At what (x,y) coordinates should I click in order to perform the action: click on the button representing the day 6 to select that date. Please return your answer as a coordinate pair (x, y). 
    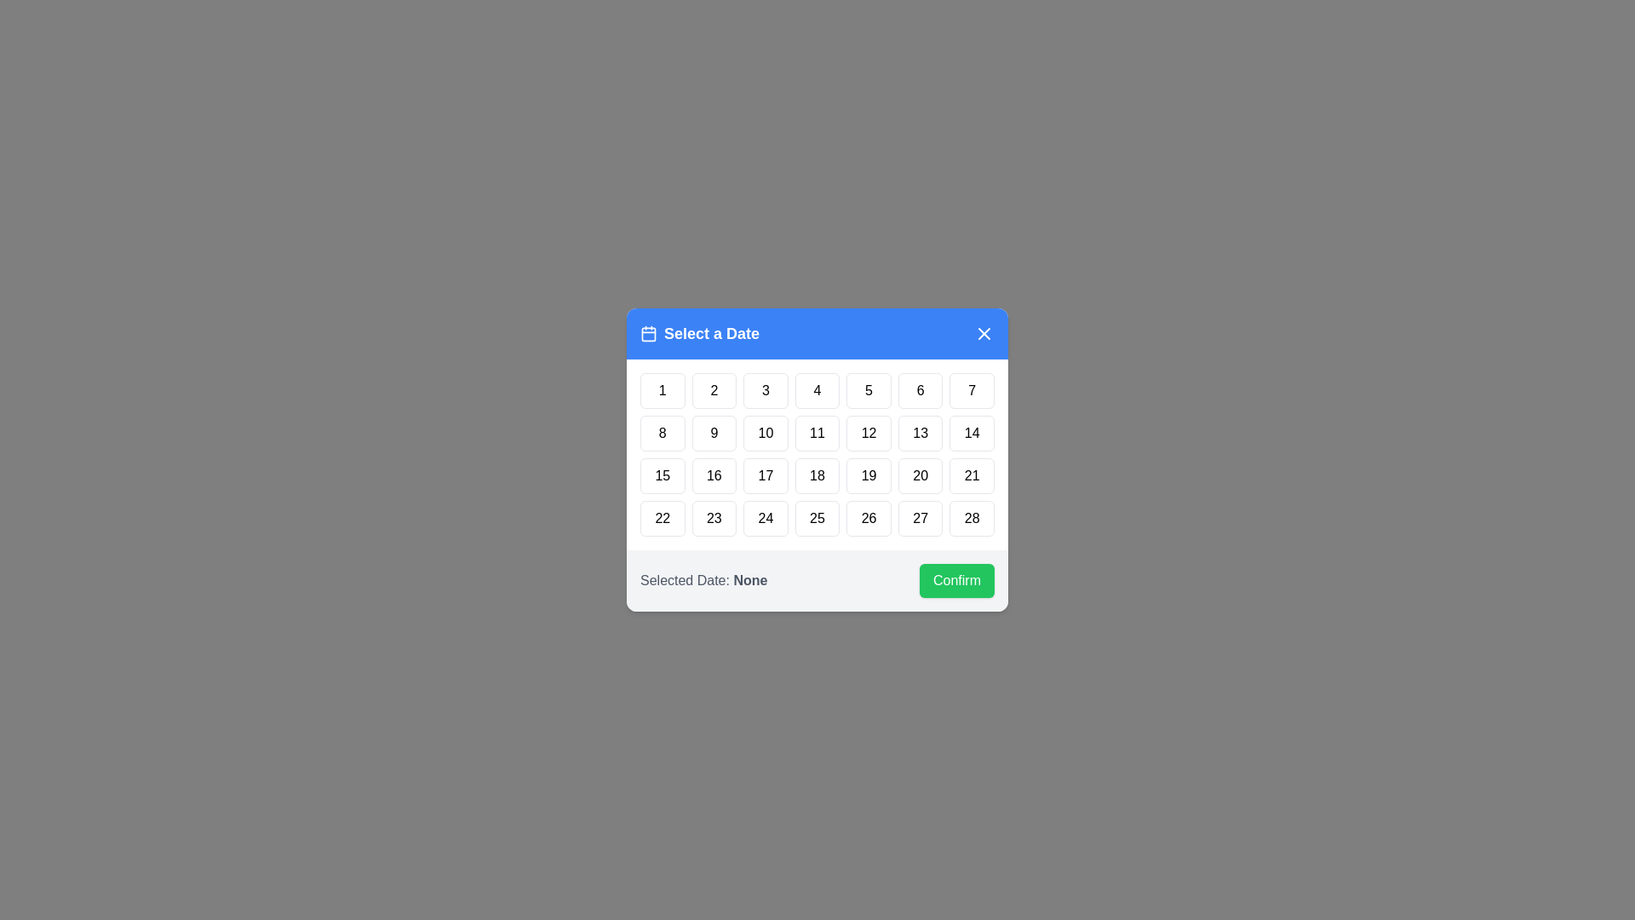
    Looking at the image, I should click on (919, 391).